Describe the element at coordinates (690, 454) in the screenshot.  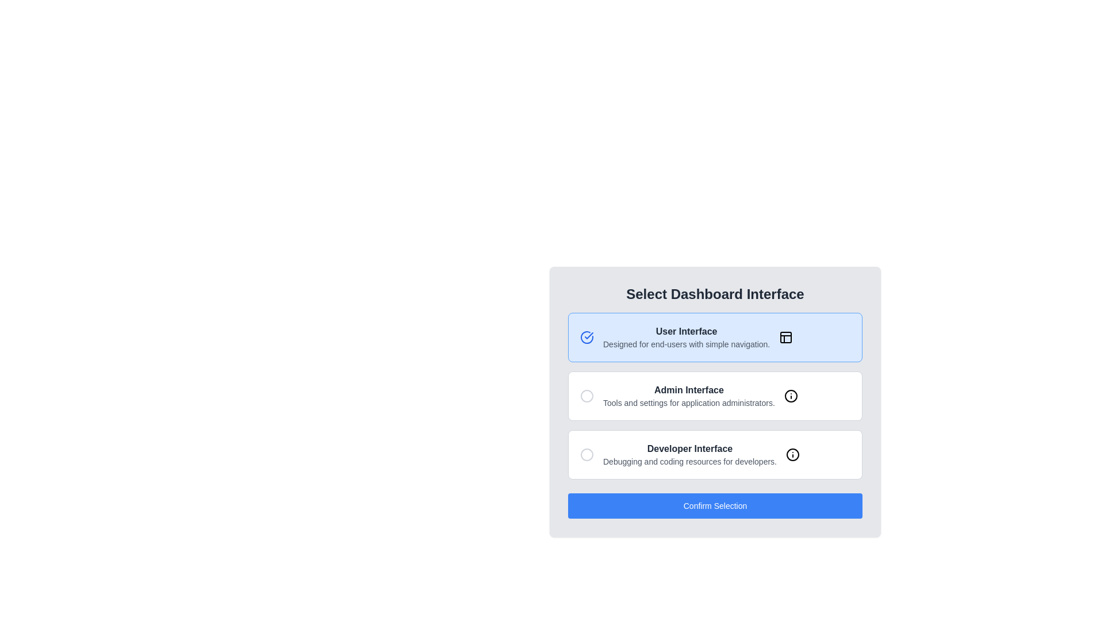
I see `the 'Developer Interface' text label, which features bold dark gray text with a description below it in lighter gray, located in the third card of the vertical list of interface selection cards` at that location.